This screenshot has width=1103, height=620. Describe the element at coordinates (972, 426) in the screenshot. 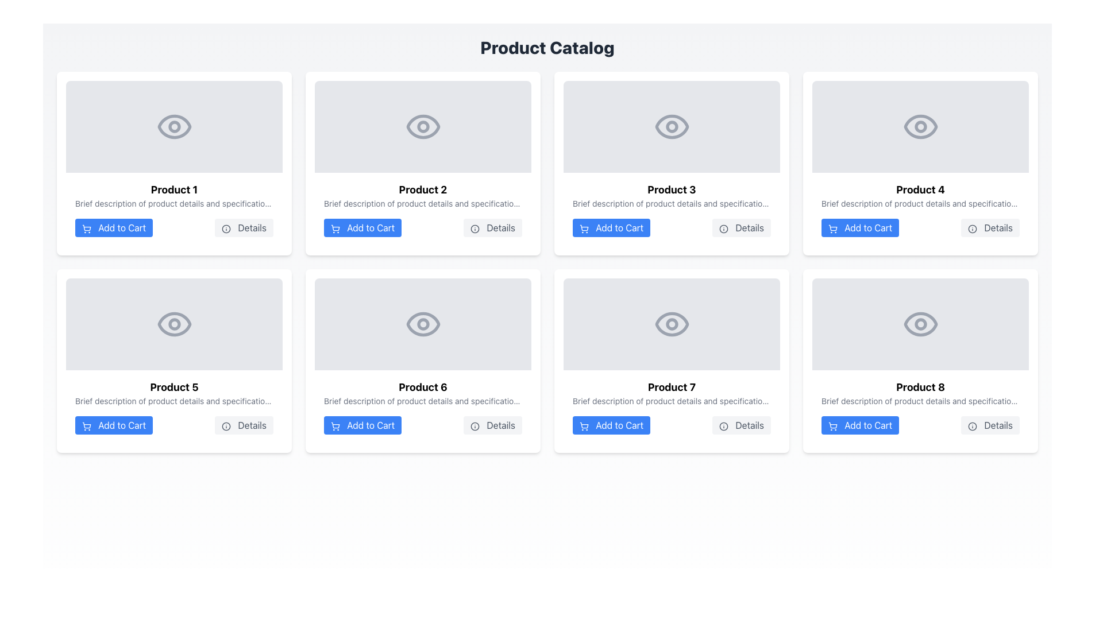

I see `the 'Details' button which contains the circular information icon with the letter 'i'` at that location.